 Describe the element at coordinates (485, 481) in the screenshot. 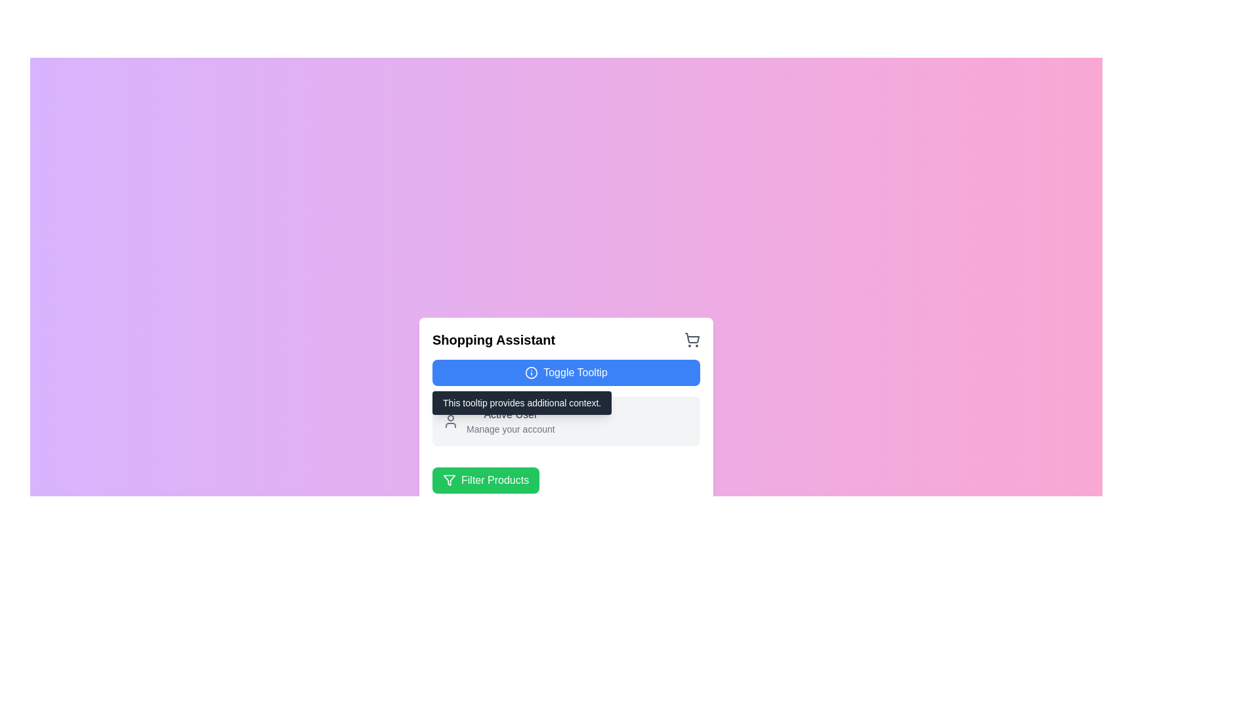

I see `the green button labeled 'Filter Products' with a white filter icon` at that location.